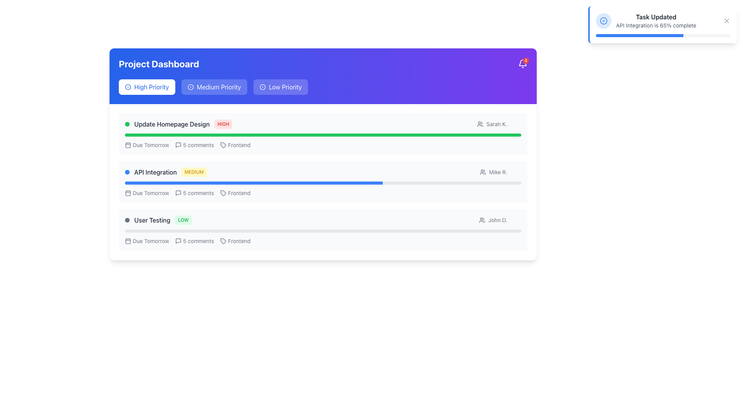  What do you see at coordinates (195, 145) in the screenshot?
I see `text '5 comments' displayed in light gray color, which is accompanied by a speech bubble icon, located in the 'Update Homepage Design' section between 'Due Tomorrow' and 'Frontend'` at bounding box center [195, 145].